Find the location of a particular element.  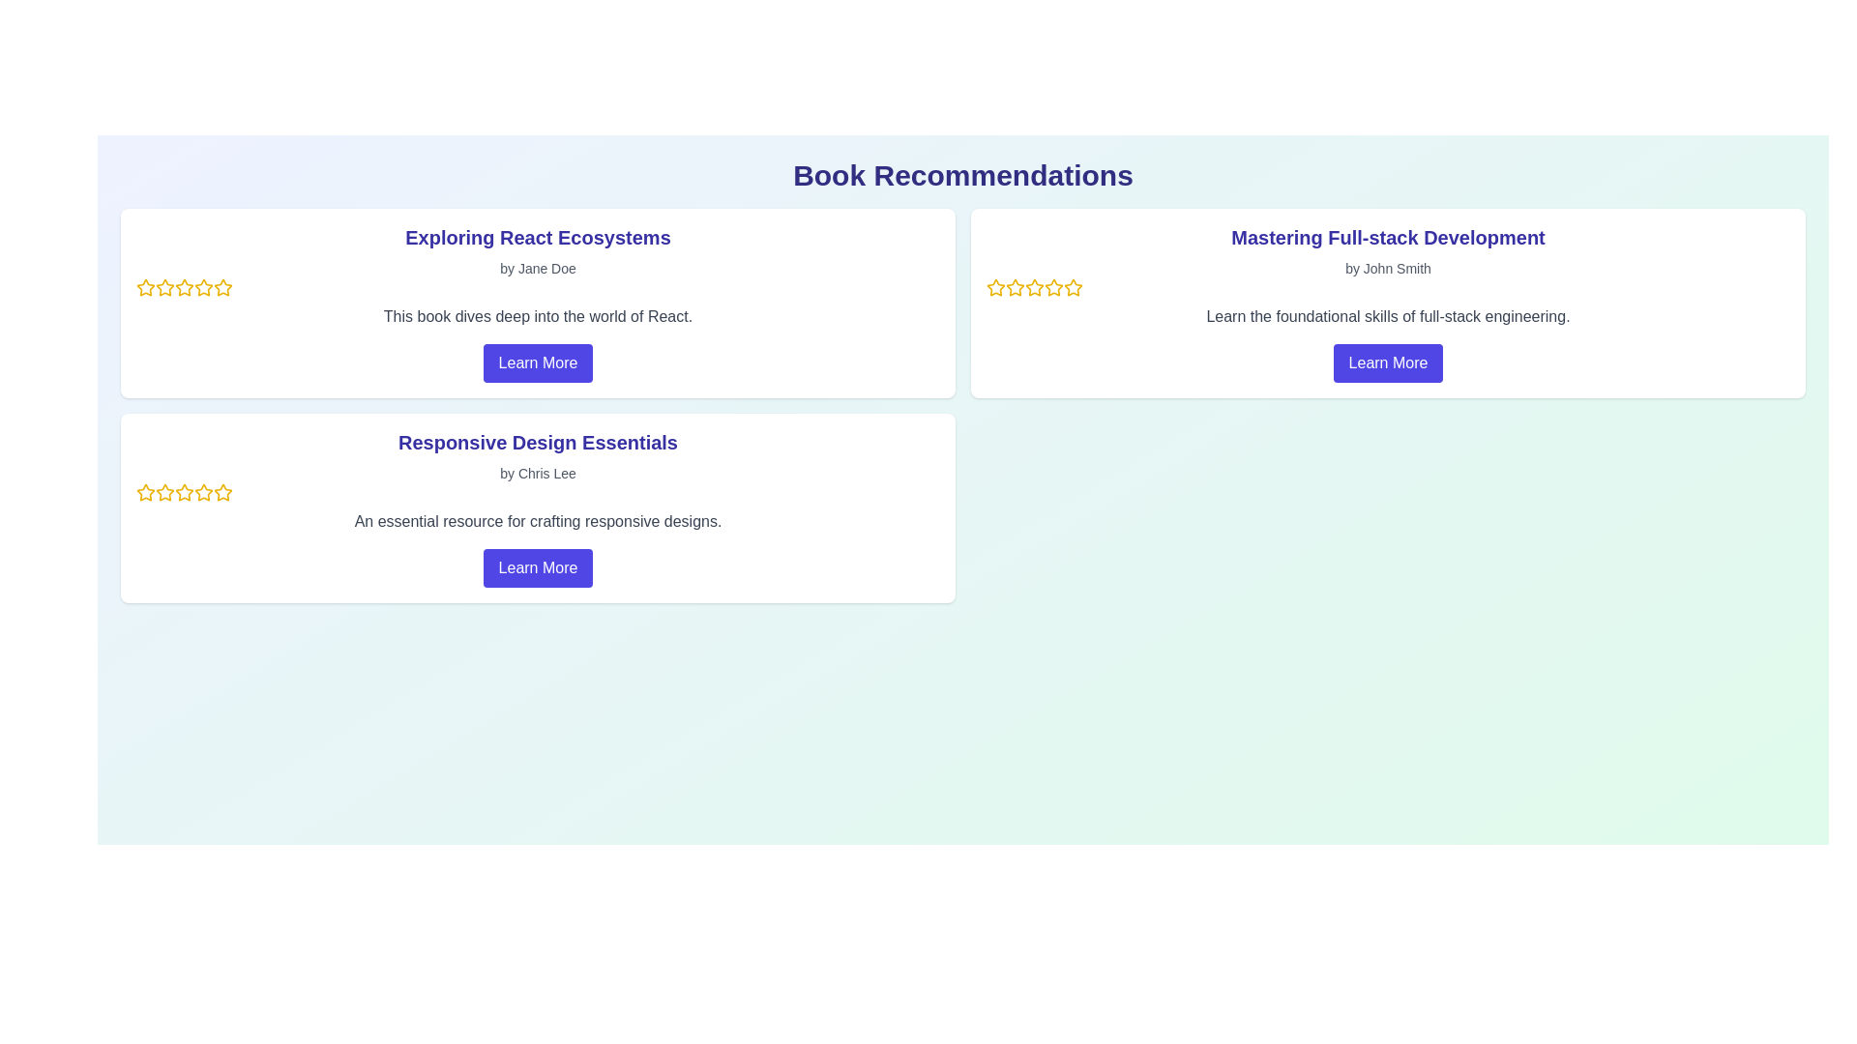

the second star from the left in the rating mechanism of the 'Responsive Design Essentials' card is located at coordinates (165, 491).